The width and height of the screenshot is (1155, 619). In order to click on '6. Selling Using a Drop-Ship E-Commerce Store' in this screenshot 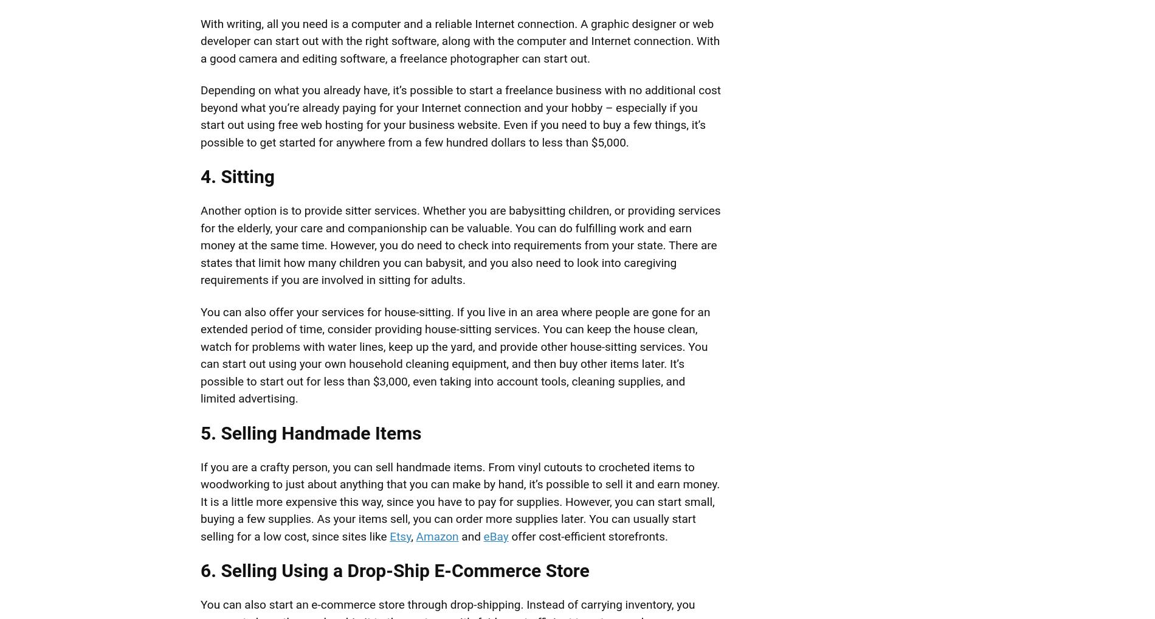, I will do `click(395, 570)`.